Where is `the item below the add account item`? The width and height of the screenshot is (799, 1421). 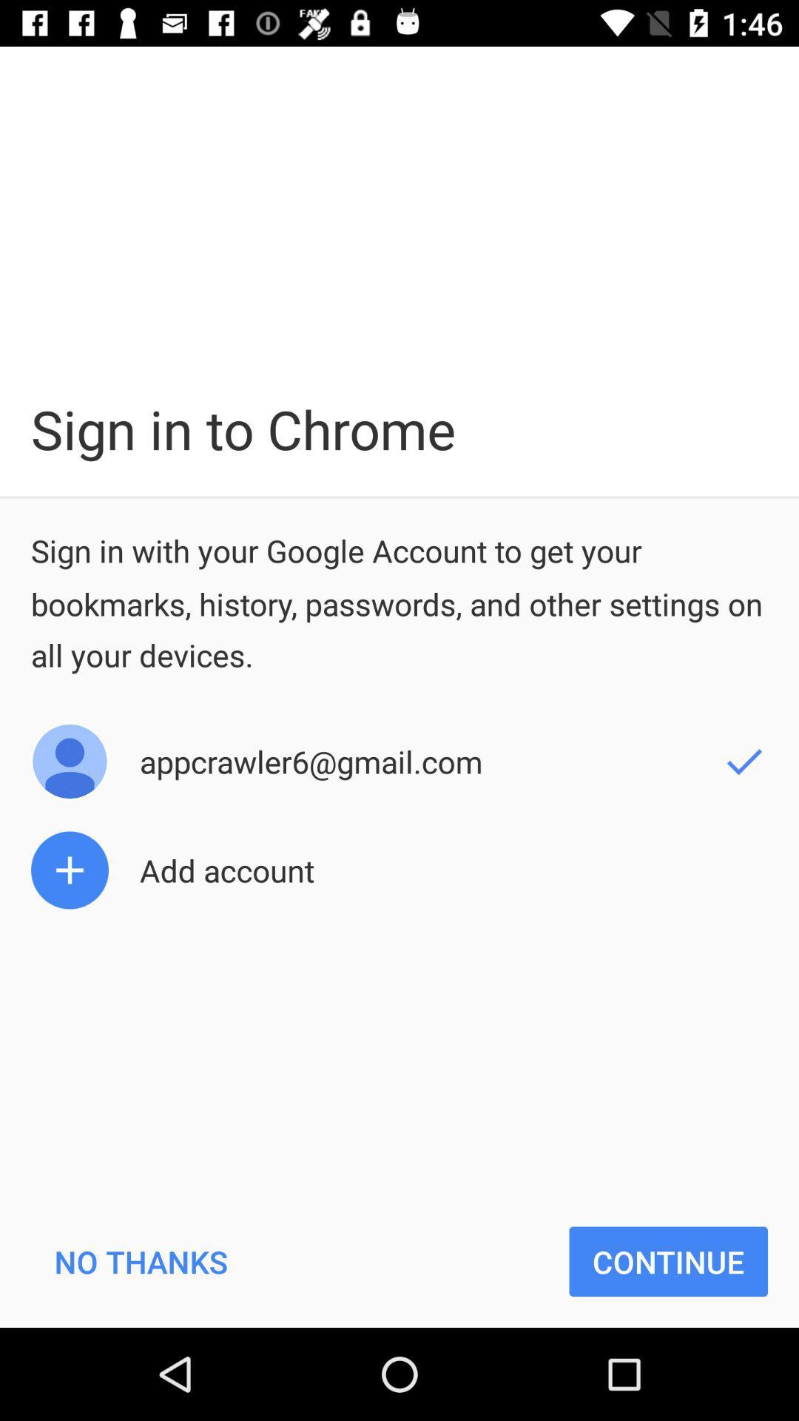 the item below the add account item is located at coordinates (141, 1260).